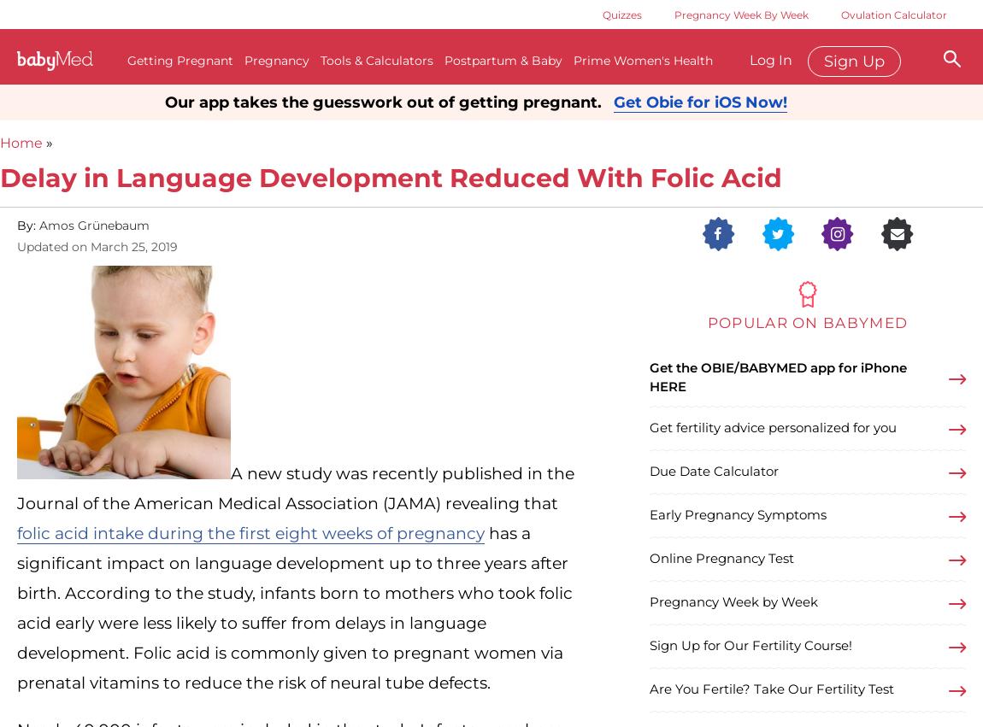 This screenshot has width=983, height=727. What do you see at coordinates (721, 557) in the screenshot?
I see `'Online Pregnancy Test'` at bounding box center [721, 557].